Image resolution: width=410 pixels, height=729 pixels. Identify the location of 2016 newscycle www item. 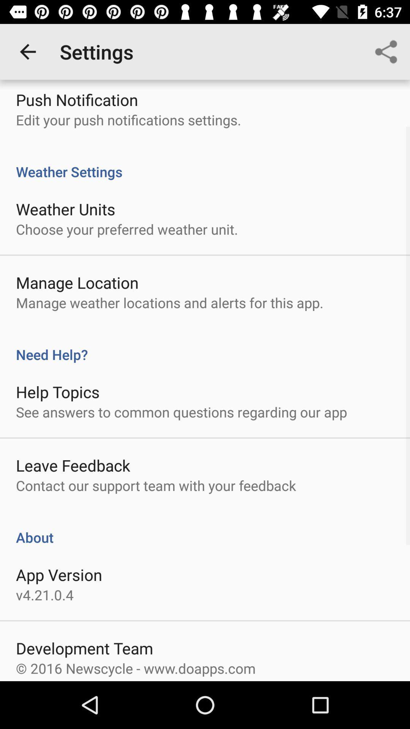
(135, 668).